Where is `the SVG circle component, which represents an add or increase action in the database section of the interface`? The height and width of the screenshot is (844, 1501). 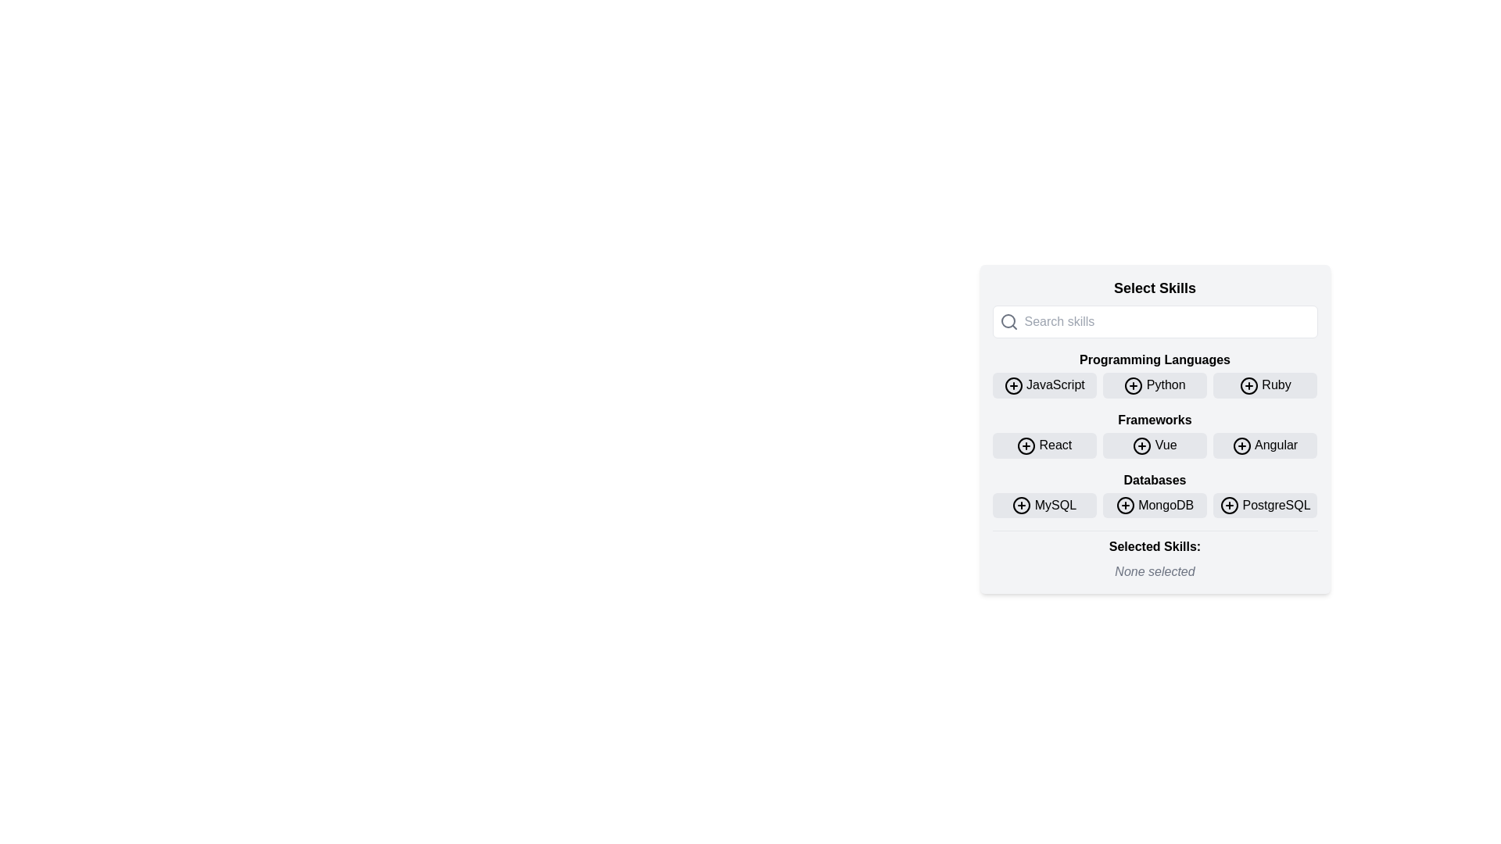 the SVG circle component, which represents an add or increase action in the database section of the interface is located at coordinates (1022, 506).